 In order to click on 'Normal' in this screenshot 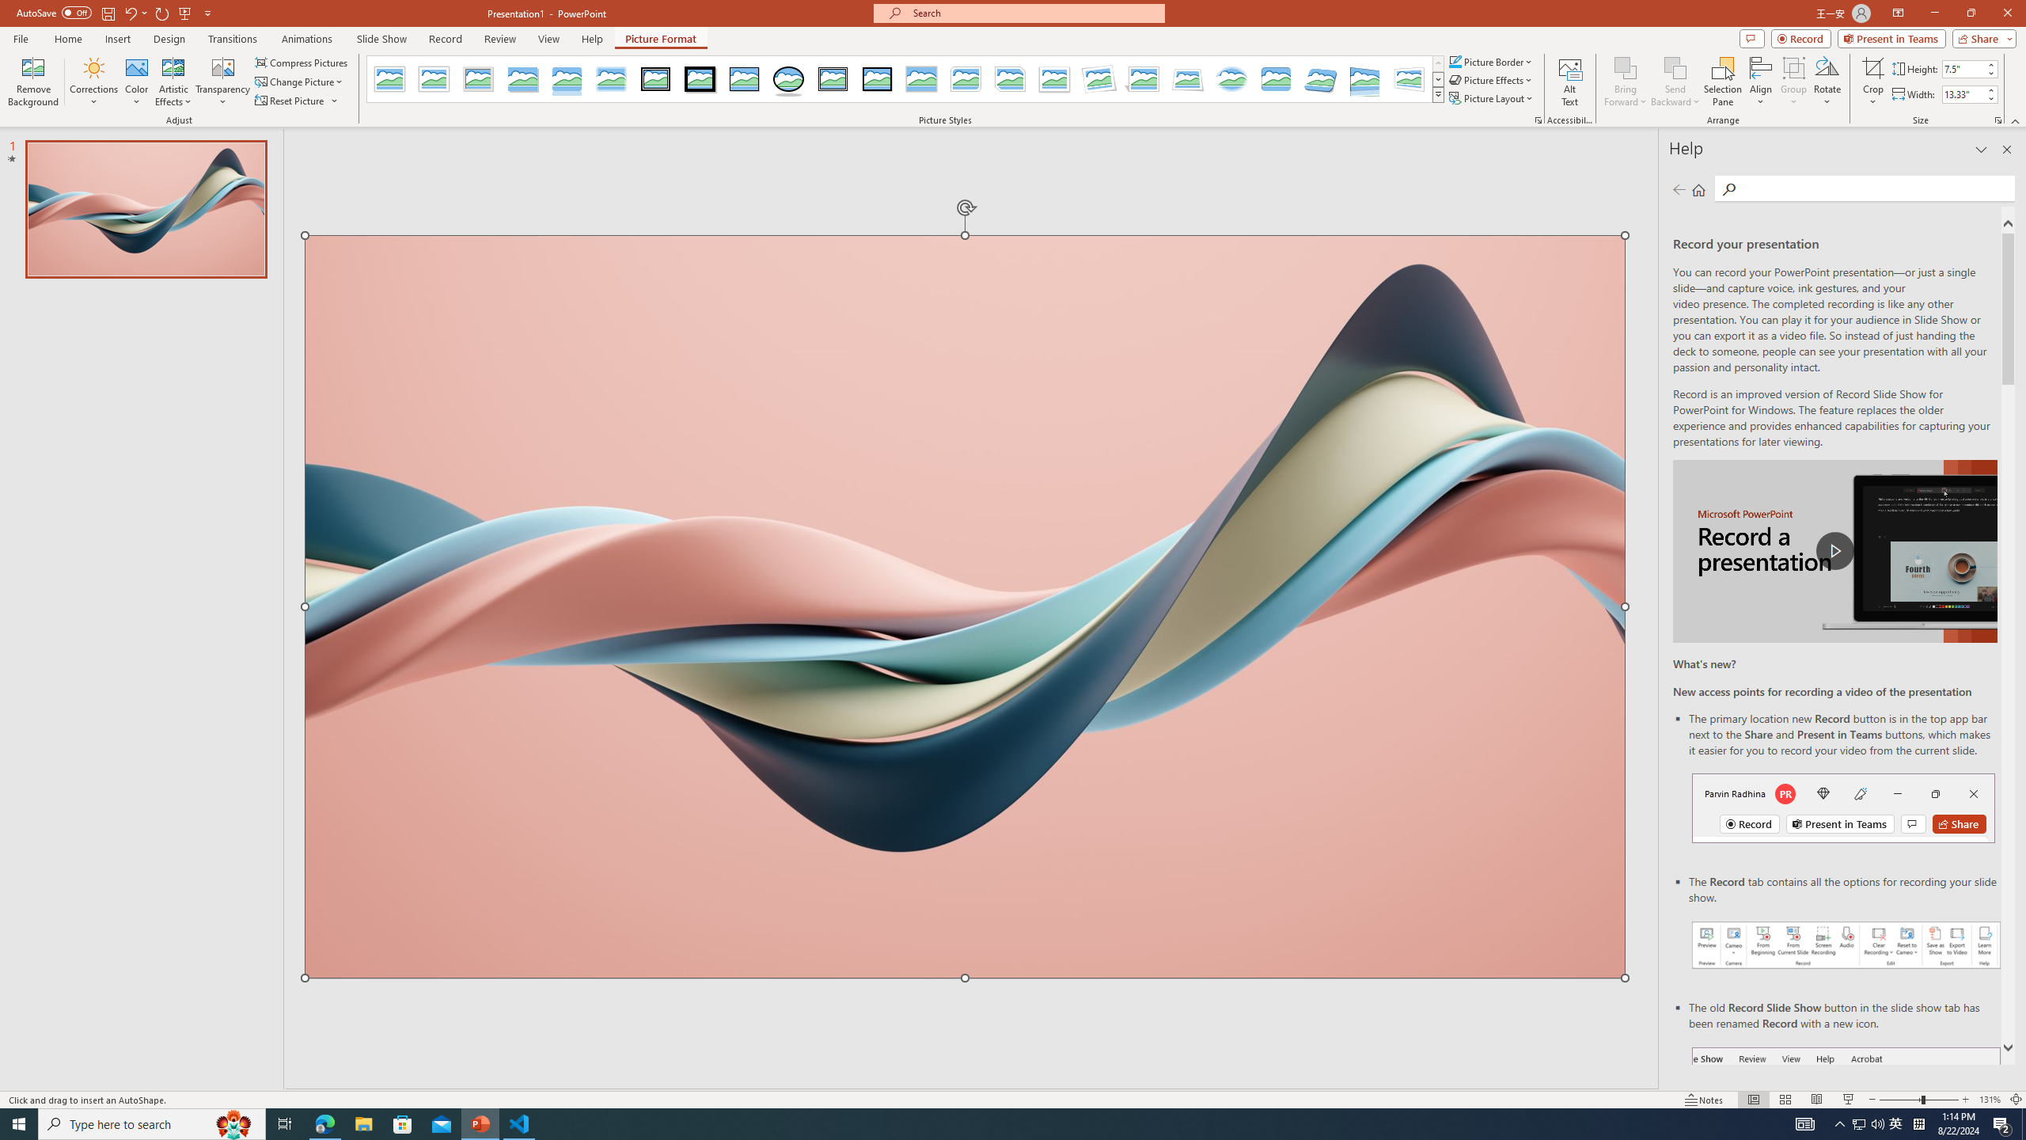, I will do `click(1752, 1100)`.